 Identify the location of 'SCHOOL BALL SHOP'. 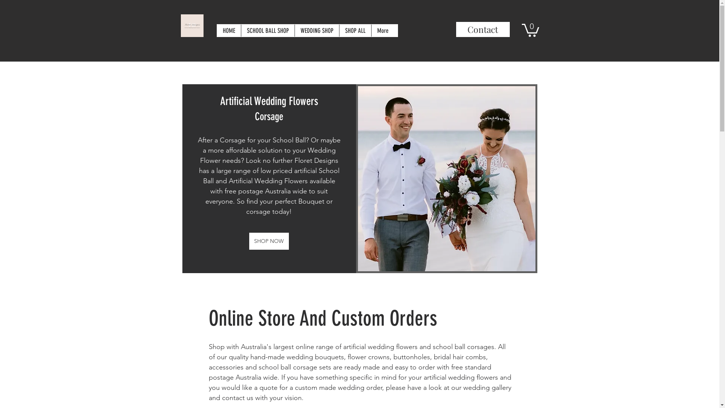
(268, 30).